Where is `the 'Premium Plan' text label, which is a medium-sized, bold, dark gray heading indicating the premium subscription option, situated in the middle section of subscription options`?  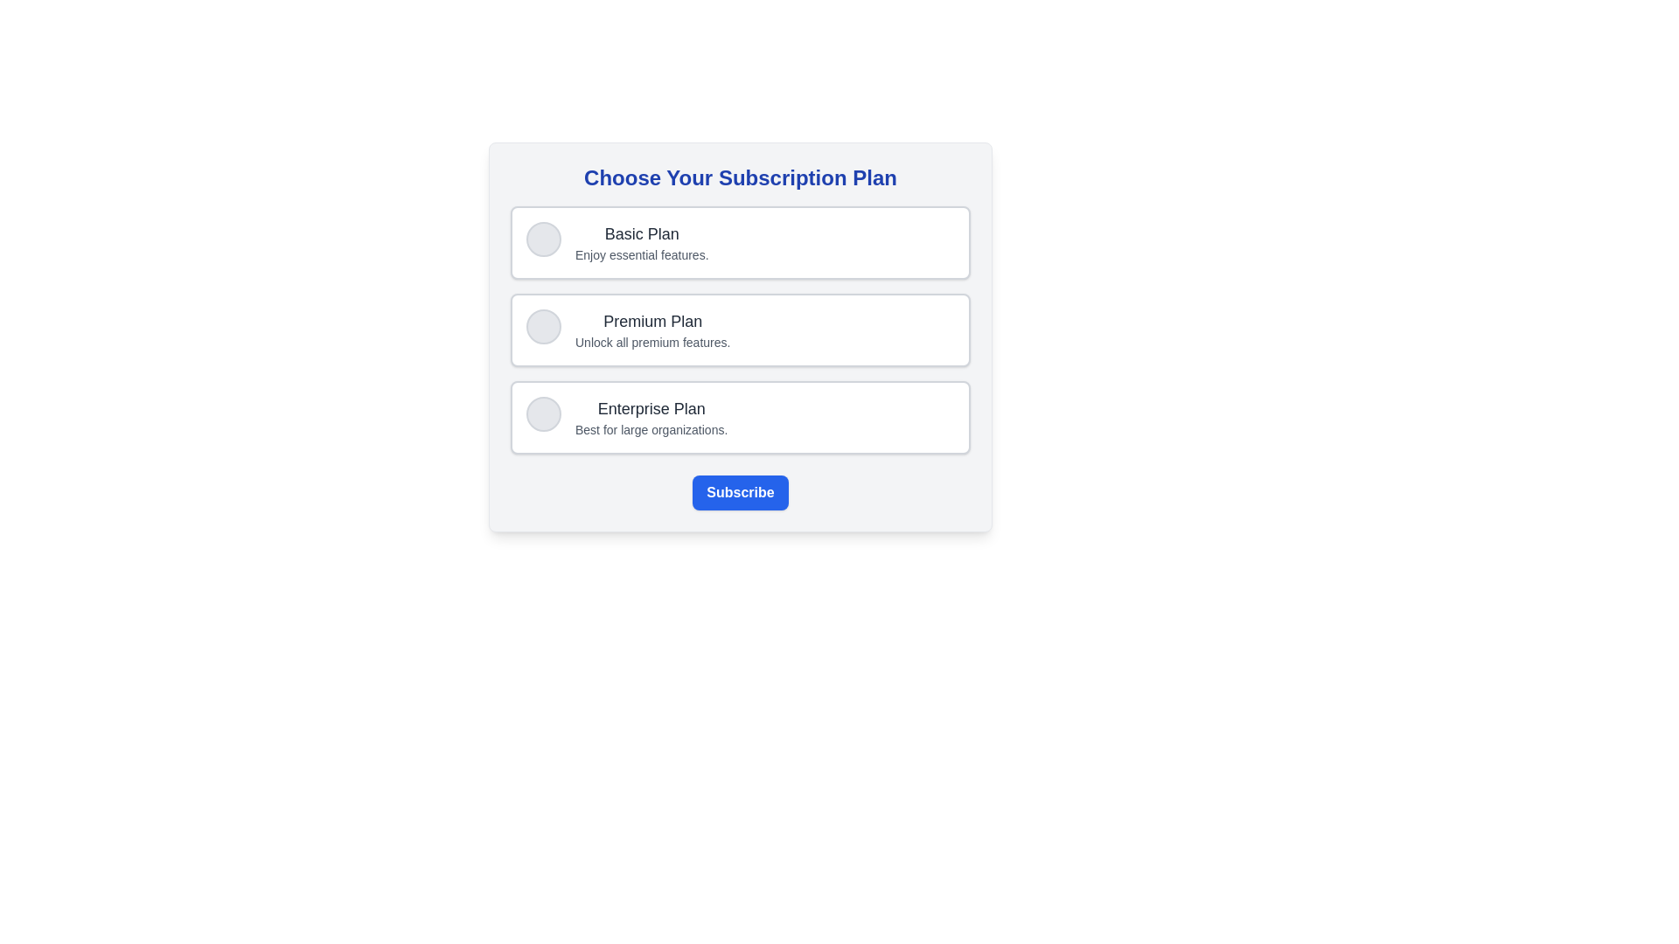 the 'Premium Plan' text label, which is a medium-sized, bold, dark gray heading indicating the premium subscription option, situated in the middle section of subscription options is located at coordinates (651, 321).